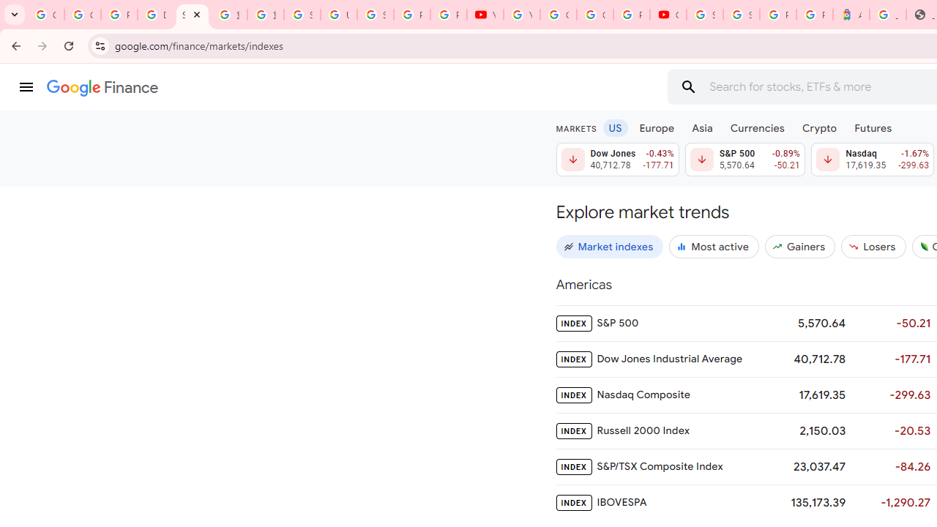 The width and height of the screenshot is (937, 527). Describe the element at coordinates (656, 127) in the screenshot. I see `'Europe'` at that location.